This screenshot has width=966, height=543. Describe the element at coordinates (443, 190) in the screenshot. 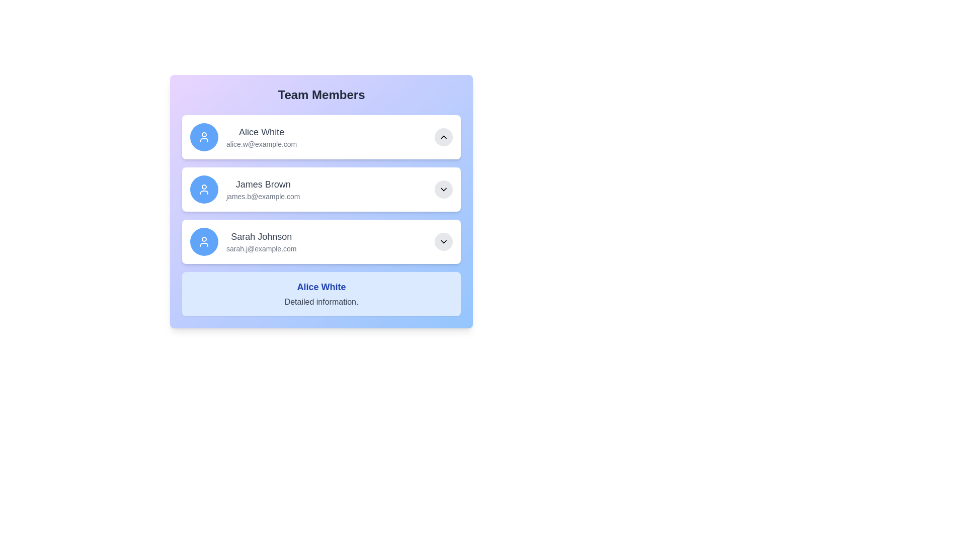

I see `the circular button icon located at the far right of the list item's header for 'James Brown' to observe visual feedback` at that location.